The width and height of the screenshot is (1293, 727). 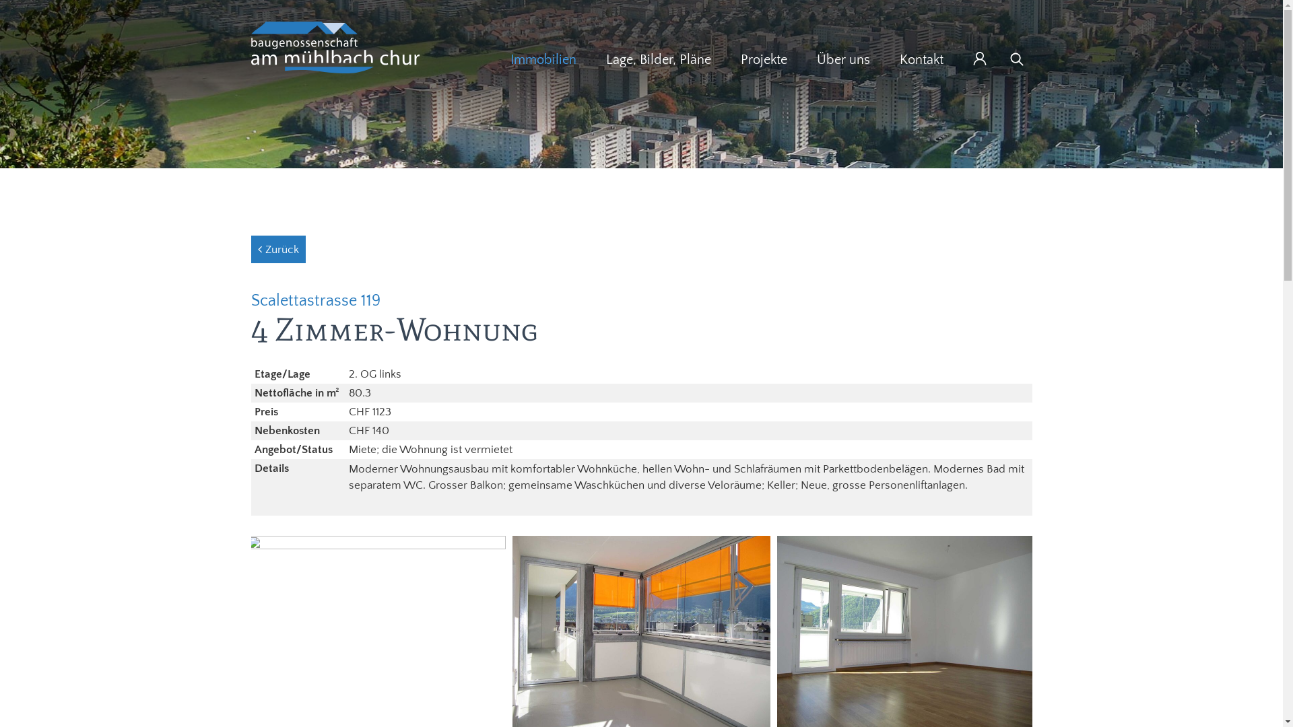 I want to click on 'Immobilien', so click(x=543, y=59).